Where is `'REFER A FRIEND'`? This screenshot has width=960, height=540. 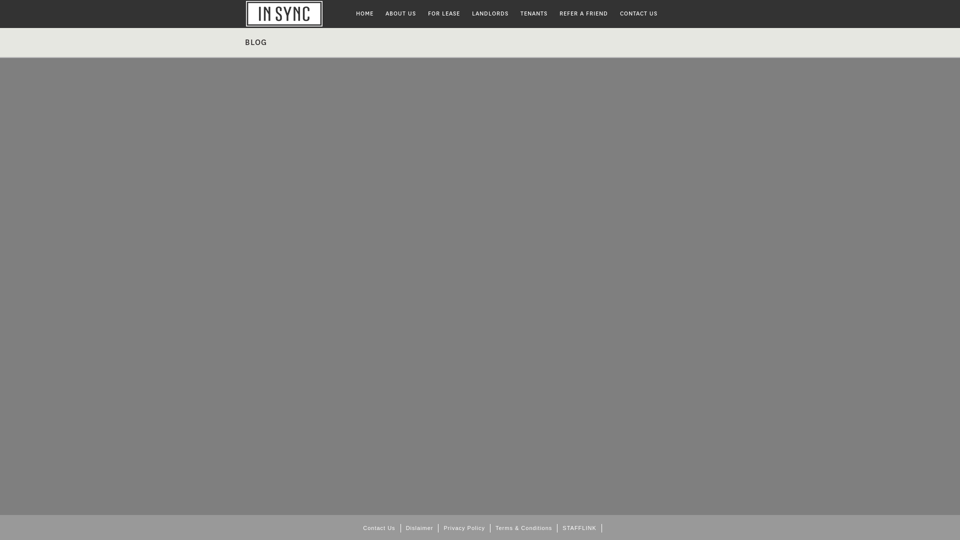 'REFER A FRIEND' is located at coordinates (583, 13).